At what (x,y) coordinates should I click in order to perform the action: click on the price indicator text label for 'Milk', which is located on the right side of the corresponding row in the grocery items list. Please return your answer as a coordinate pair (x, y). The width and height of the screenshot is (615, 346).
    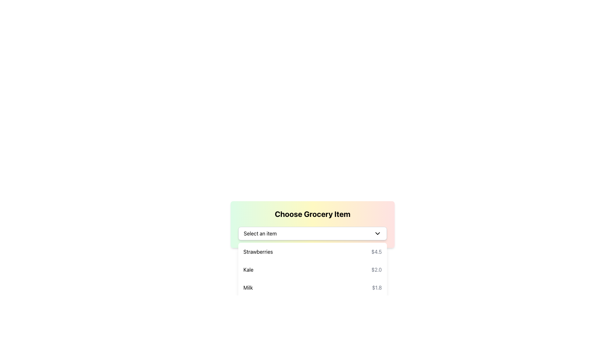
    Looking at the image, I should click on (377, 287).